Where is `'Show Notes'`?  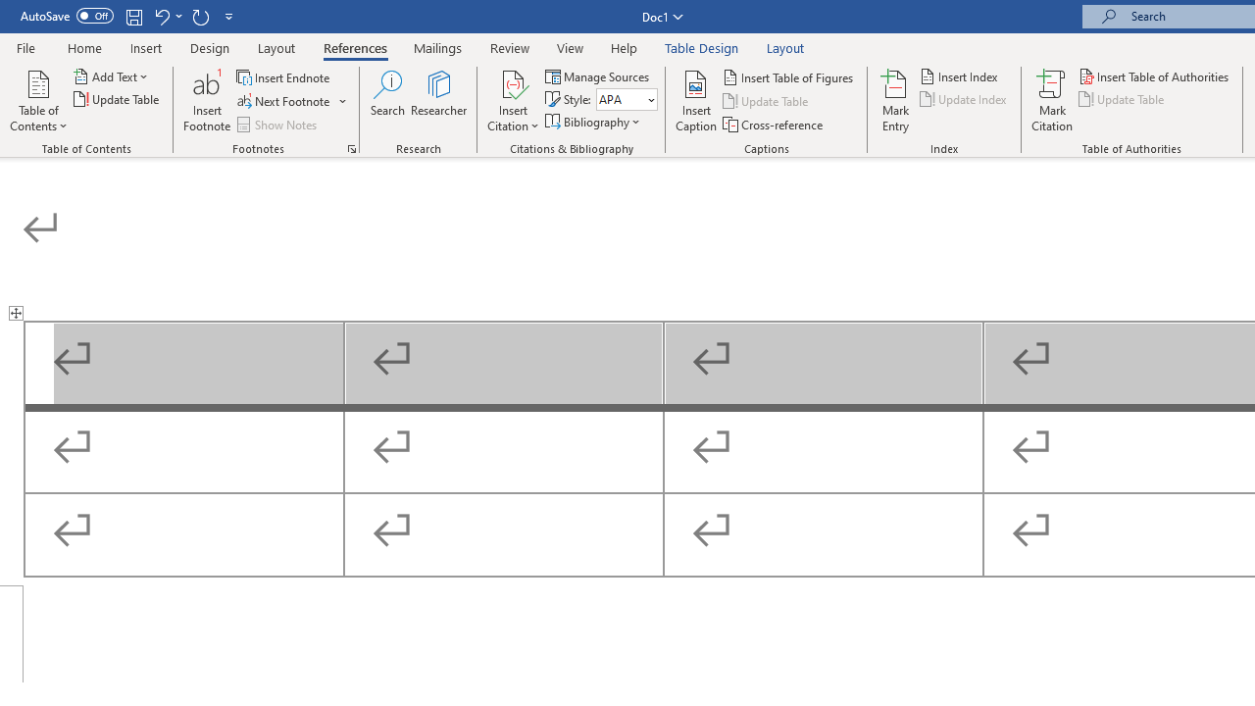 'Show Notes' is located at coordinates (277, 125).